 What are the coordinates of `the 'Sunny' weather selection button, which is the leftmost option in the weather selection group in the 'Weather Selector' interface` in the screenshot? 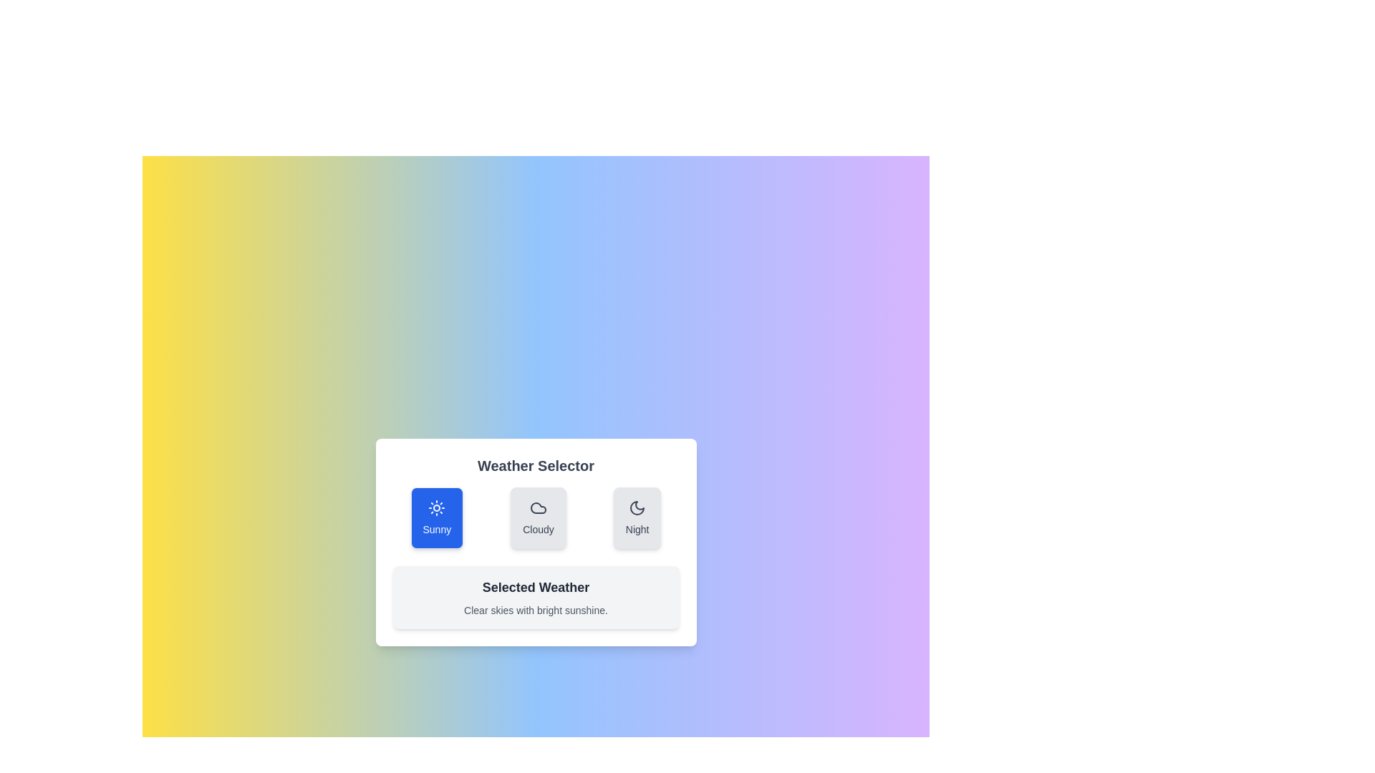 It's located at (436, 518).